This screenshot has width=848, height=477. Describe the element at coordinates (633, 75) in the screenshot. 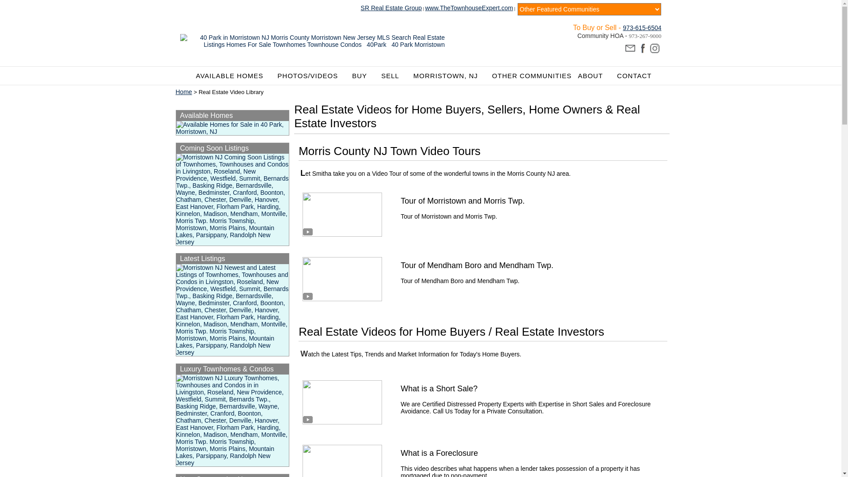

I see `'CONTACT'` at that location.